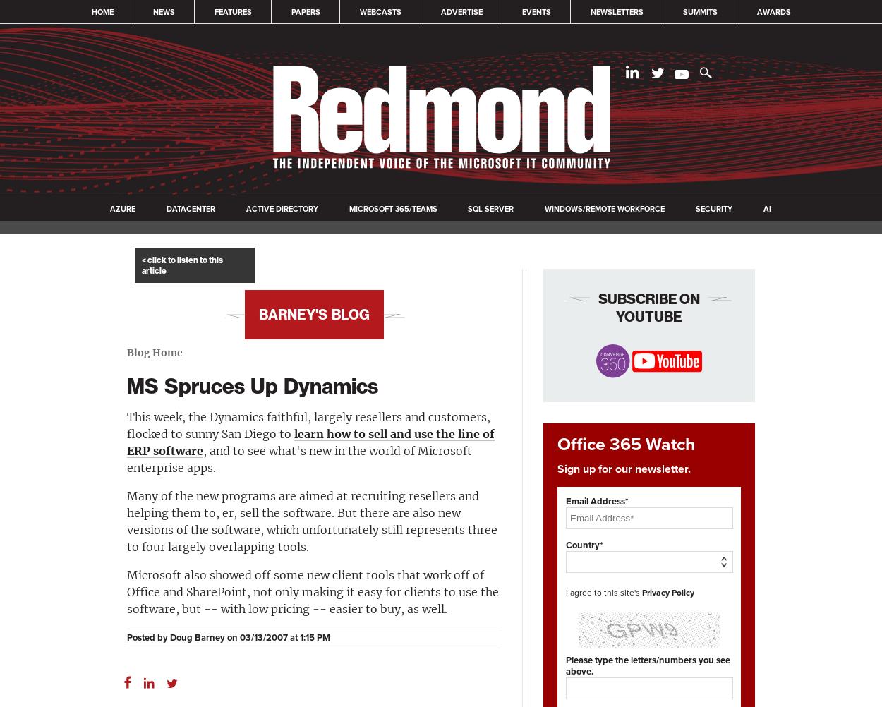  Describe the element at coordinates (649, 306) in the screenshot. I see `'Subscribe on YouTube'` at that location.